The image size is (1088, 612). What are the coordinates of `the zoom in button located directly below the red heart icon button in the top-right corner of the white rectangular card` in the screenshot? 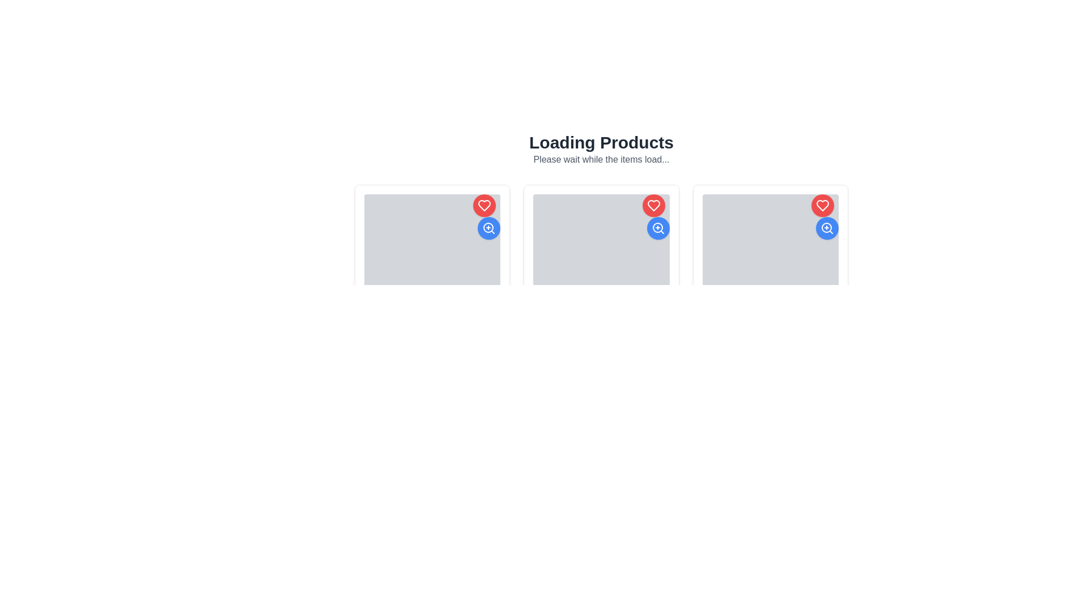 It's located at (487, 216).